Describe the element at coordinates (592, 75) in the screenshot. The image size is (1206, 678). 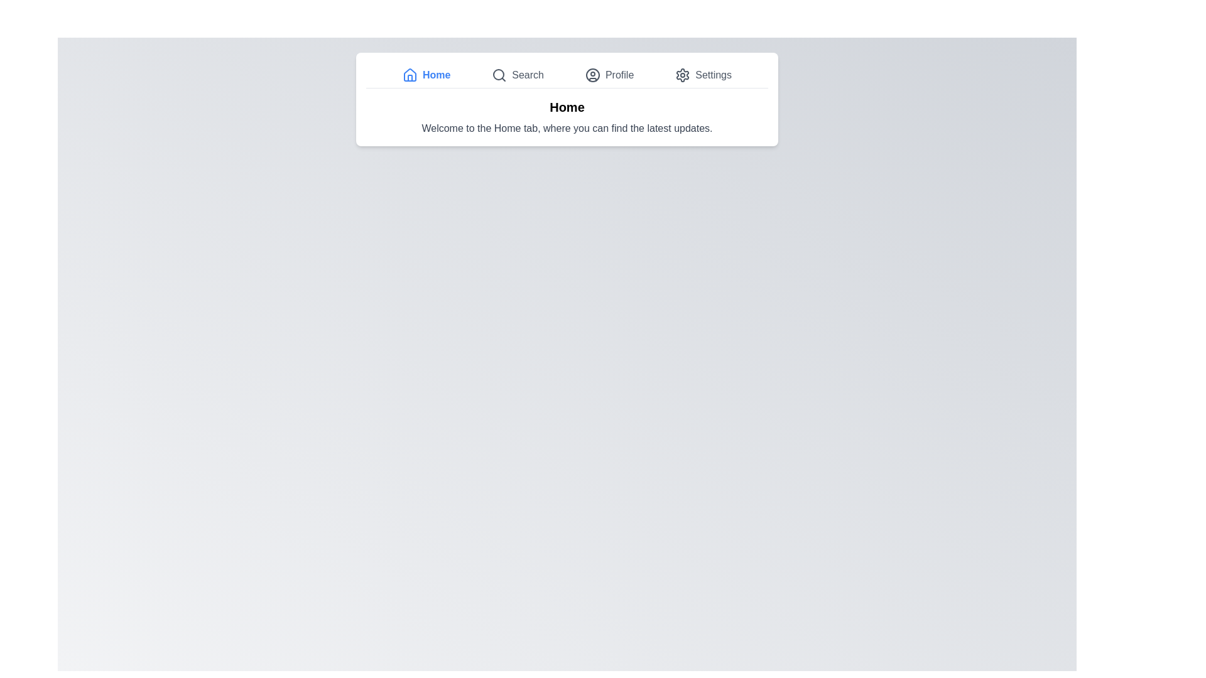
I see `the 'Profile' icon in the navigation bar` at that location.